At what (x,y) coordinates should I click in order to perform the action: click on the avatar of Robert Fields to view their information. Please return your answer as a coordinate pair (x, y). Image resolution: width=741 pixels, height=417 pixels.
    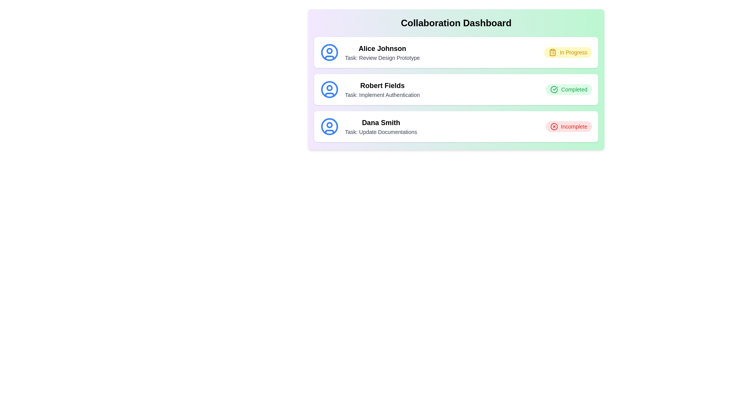
    Looking at the image, I should click on (330, 89).